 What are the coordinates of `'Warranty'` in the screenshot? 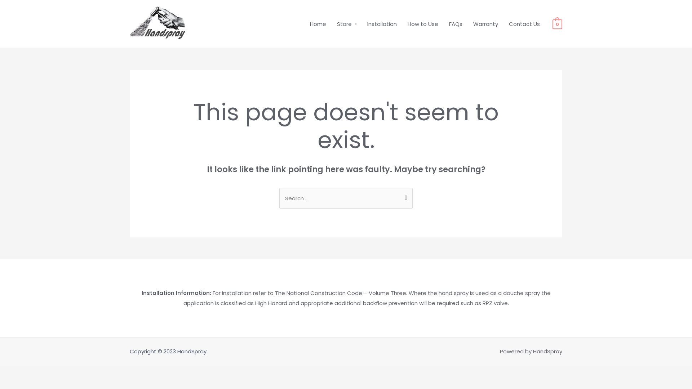 It's located at (485, 23).